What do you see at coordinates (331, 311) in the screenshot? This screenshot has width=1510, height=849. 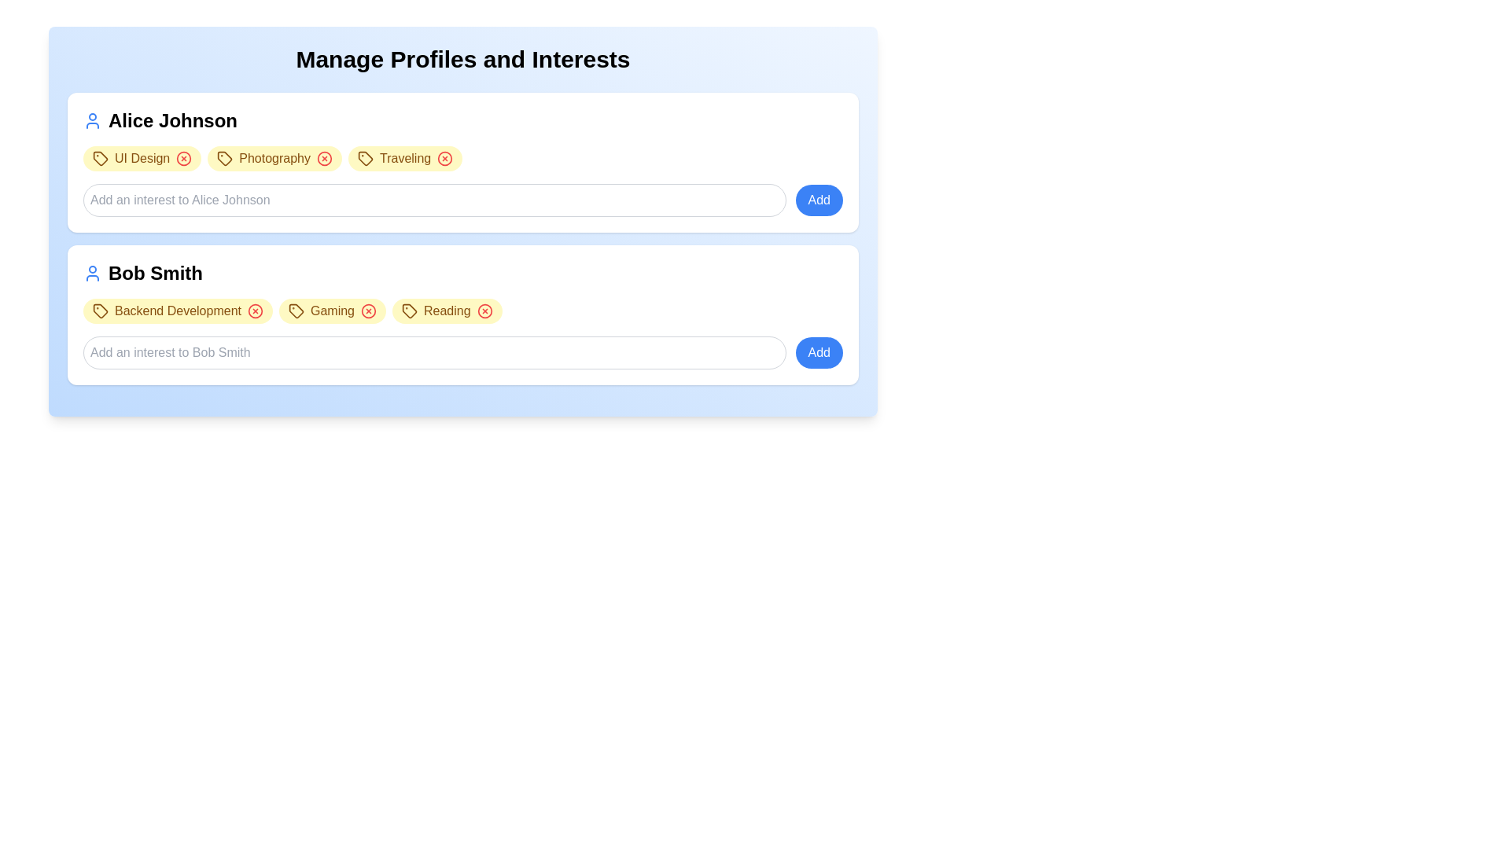 I see `the circular red 'X' button on the right side of the 'Gaming' tag` at bounding box center [331, 311].